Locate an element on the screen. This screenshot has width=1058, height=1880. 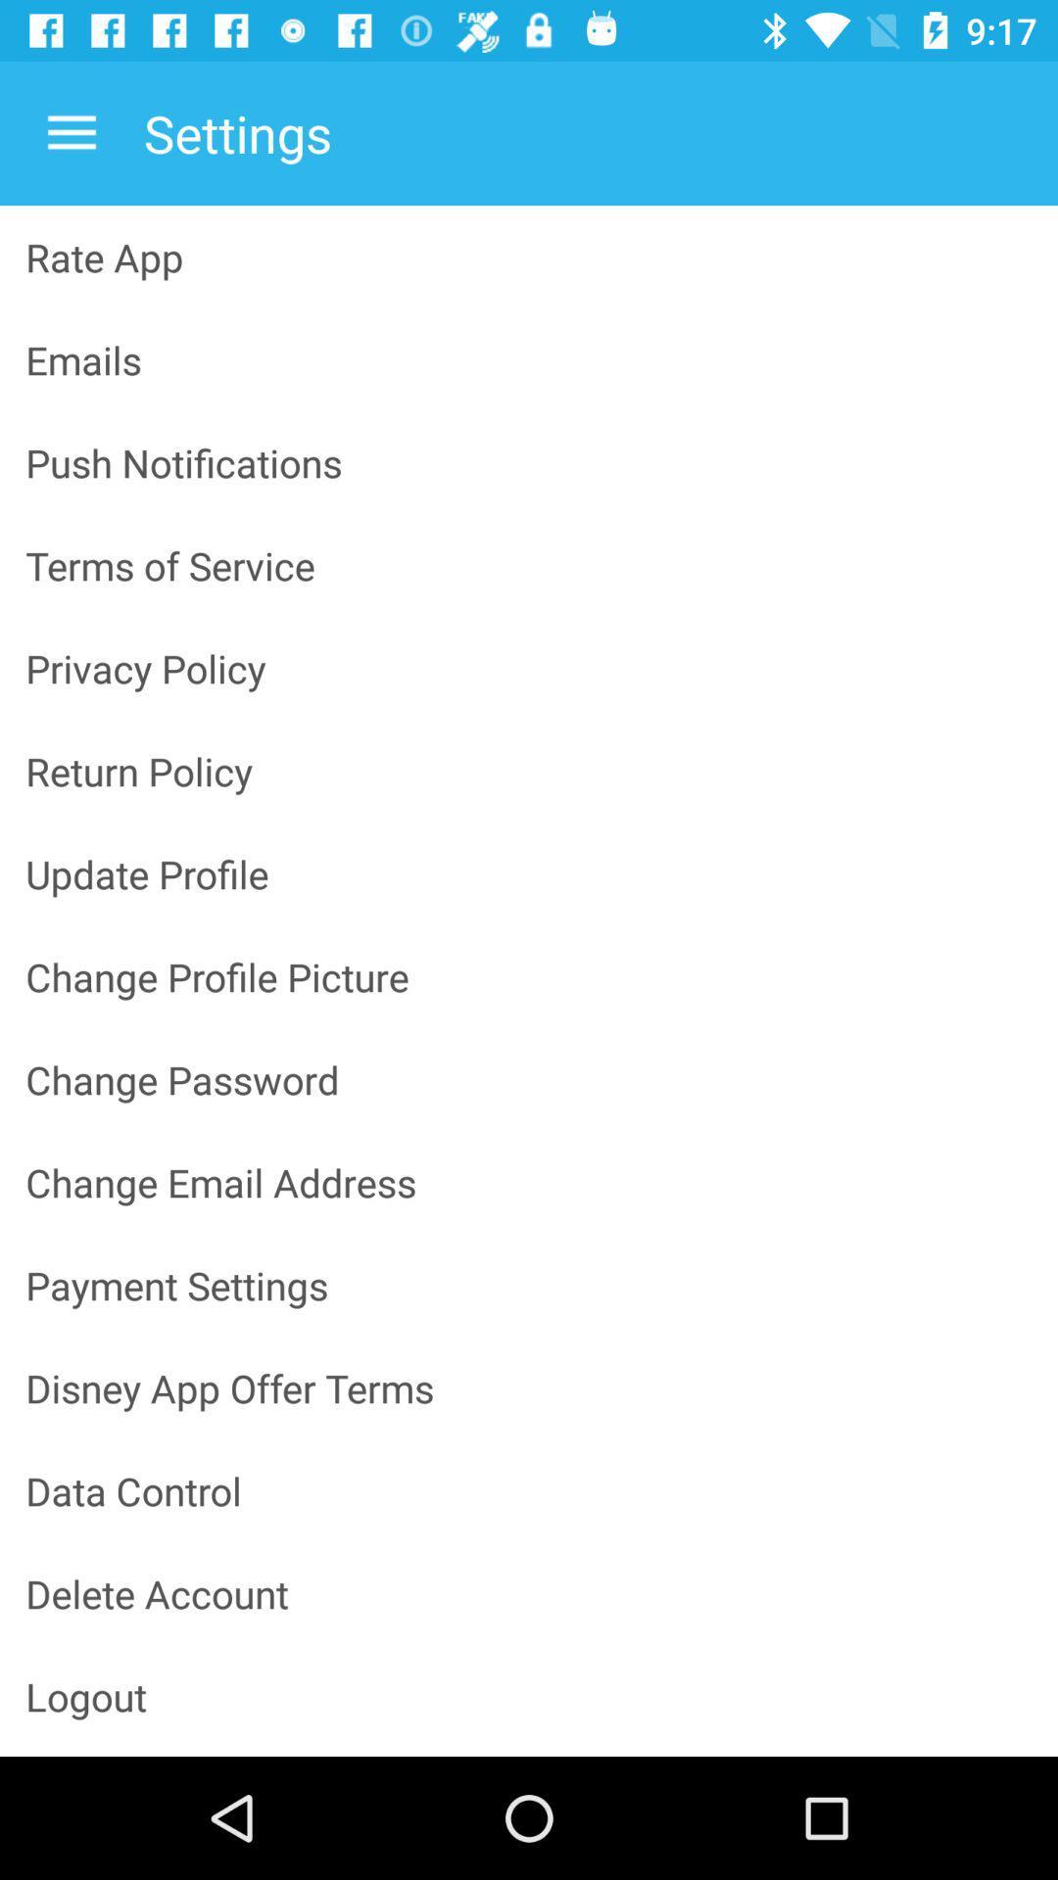
icon above the logout item is located at coordinates (529, 1593).